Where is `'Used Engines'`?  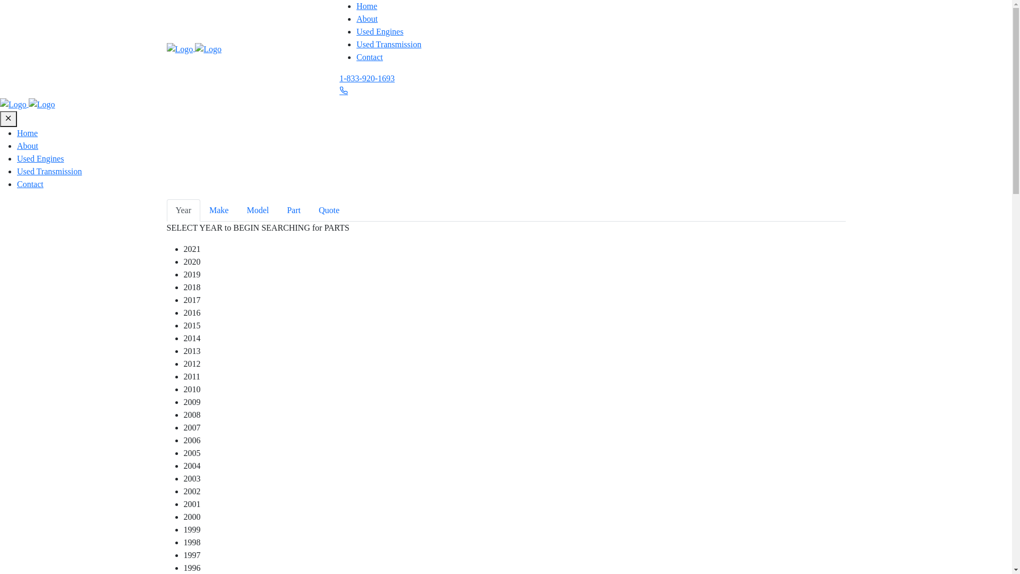
'Used Engines' is located at coordinates (40, 158).